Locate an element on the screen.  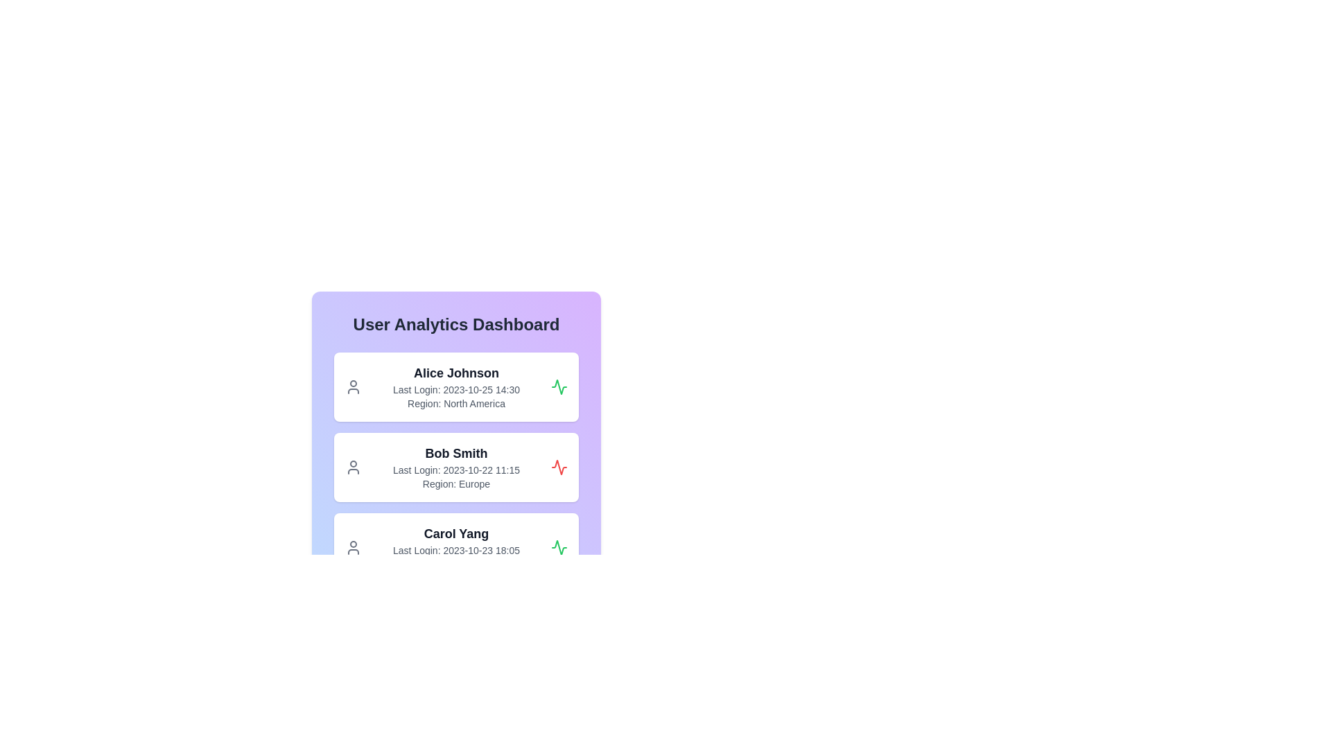
the small user icon representing 'Alice Johnson' within the first card of the 'User Analytics Dashboard' section is located at coordinates (353, 387).